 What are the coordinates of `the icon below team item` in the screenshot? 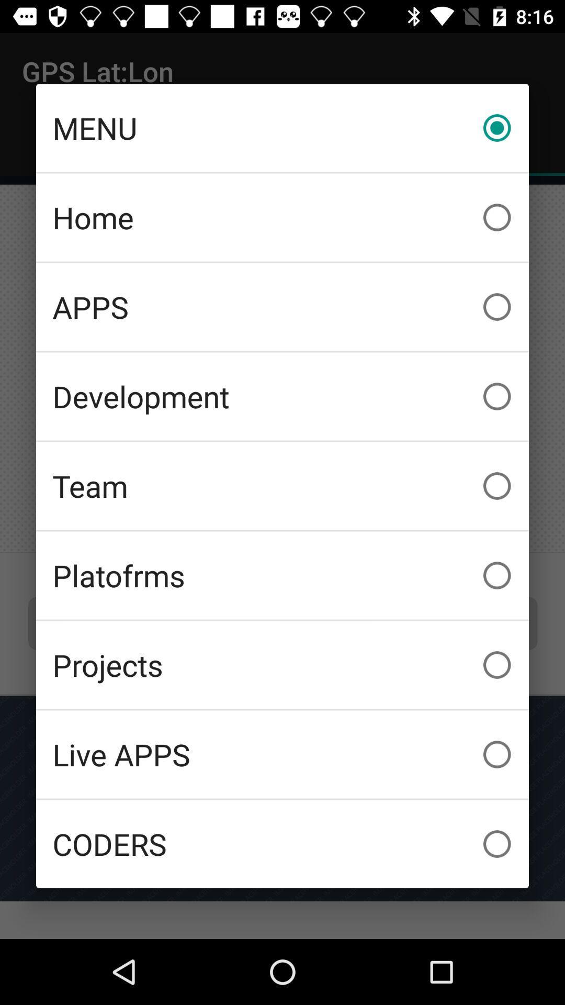 It's located at (282, 575).